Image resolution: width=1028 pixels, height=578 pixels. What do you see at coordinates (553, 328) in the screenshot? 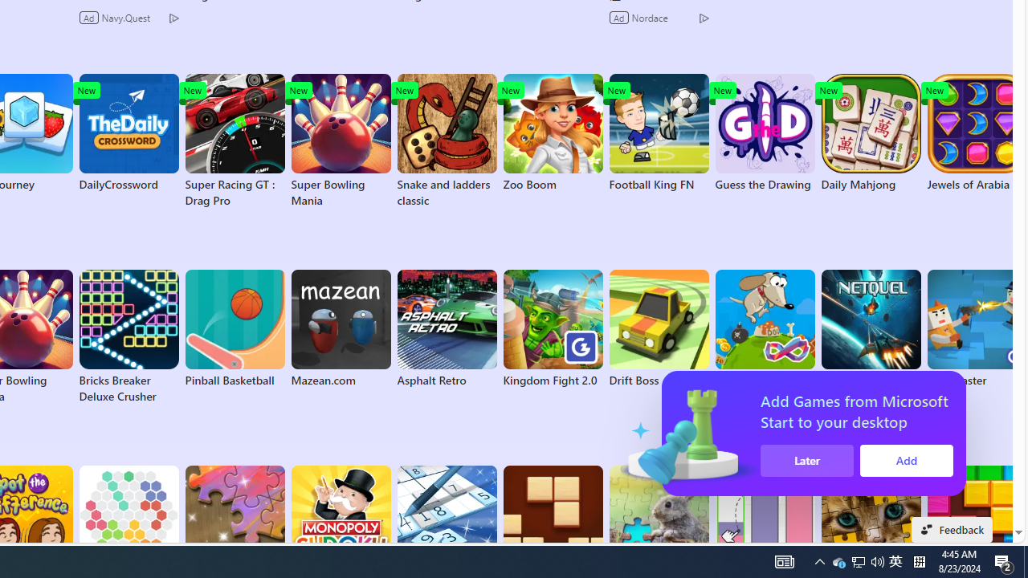
I see `'Kingdom Fight 2.0'` at bounding box center [553, 328].